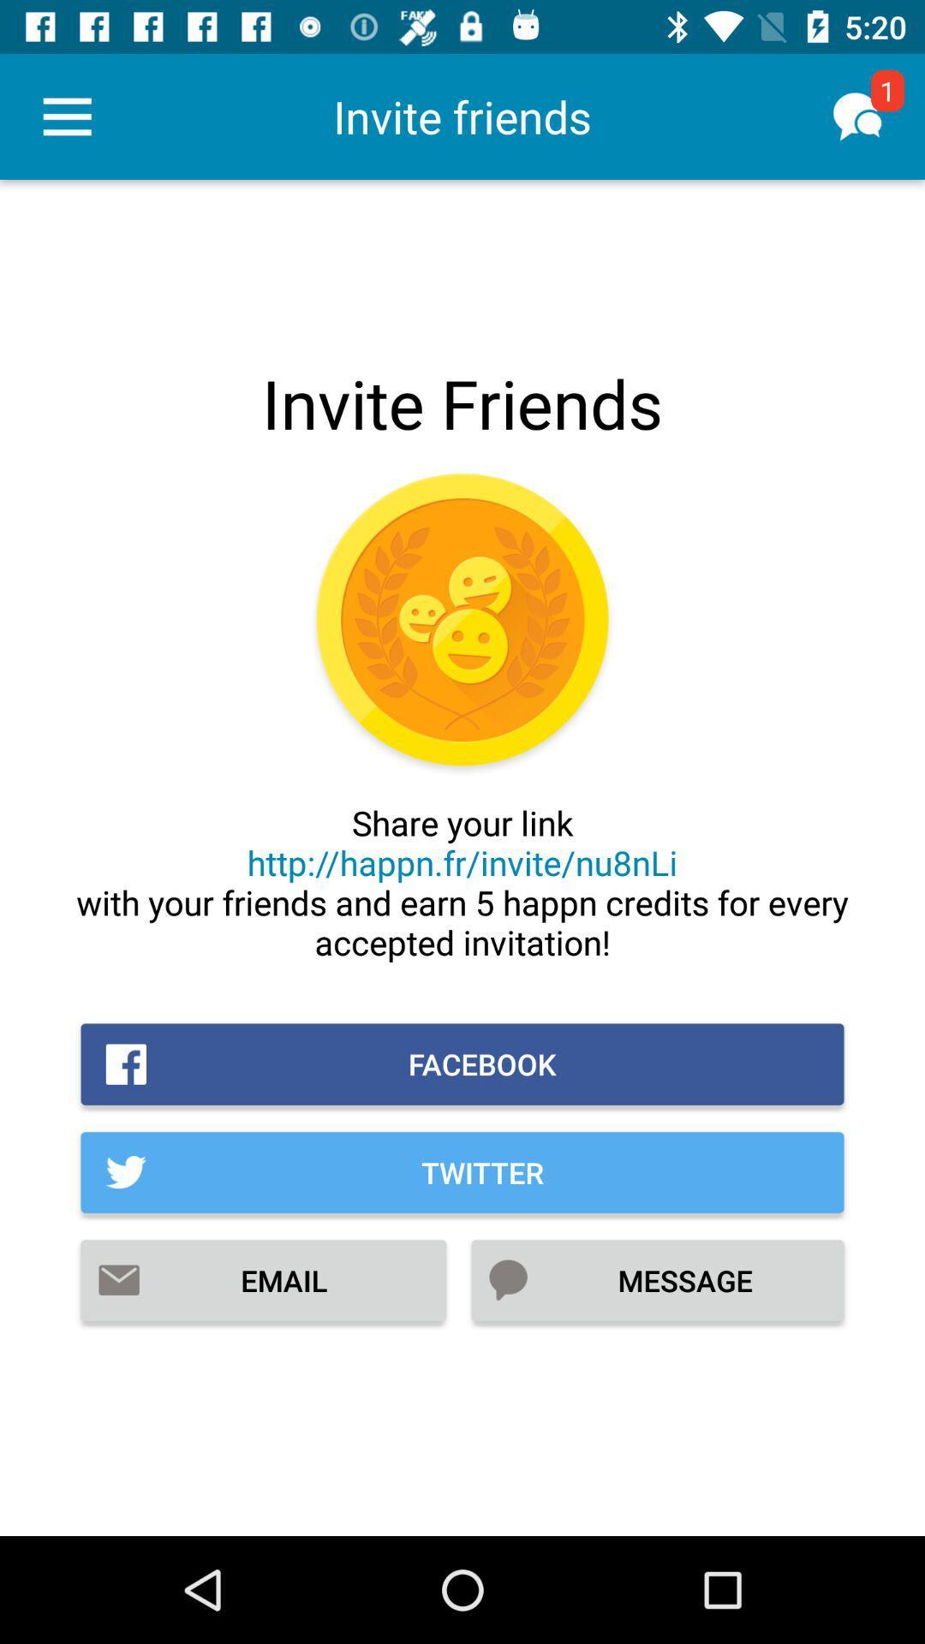 The image size is (925, 1644). I want to click on the item to the right of email item, so click(656, 1280).